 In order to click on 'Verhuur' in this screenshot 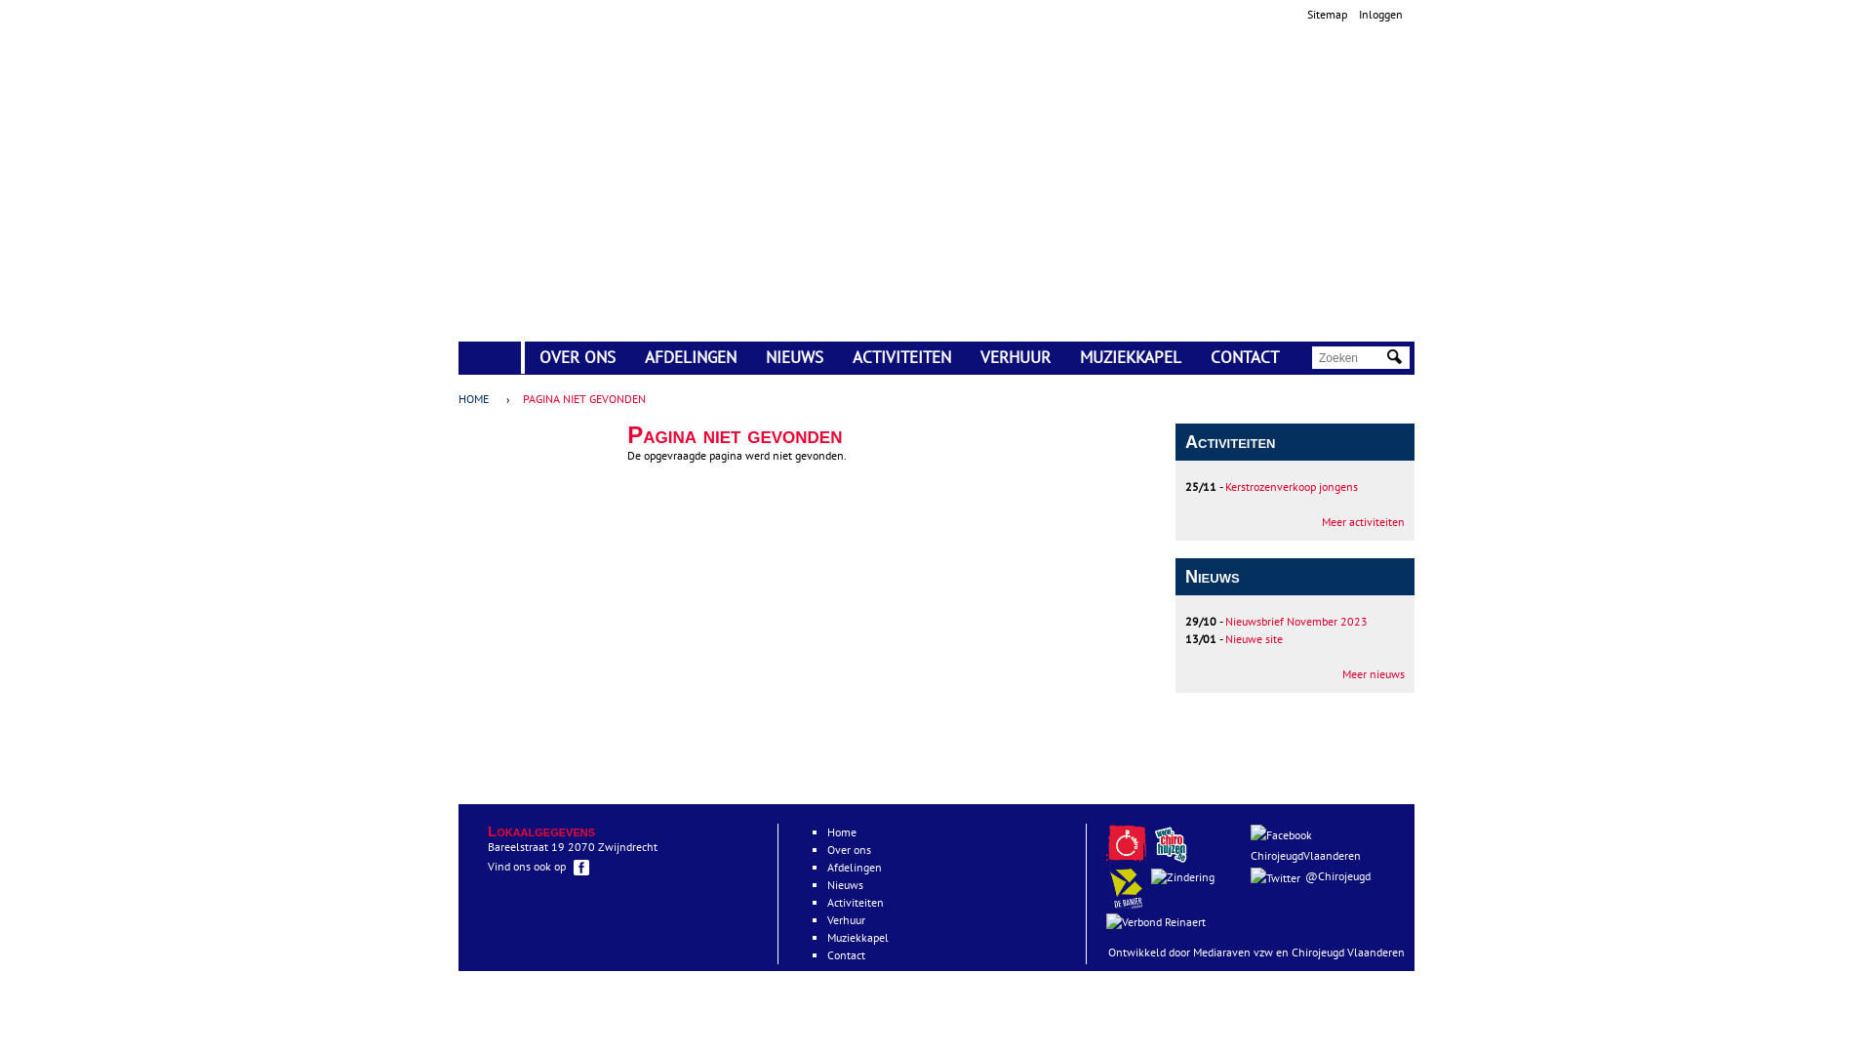, I will do `click(827, 919)`.